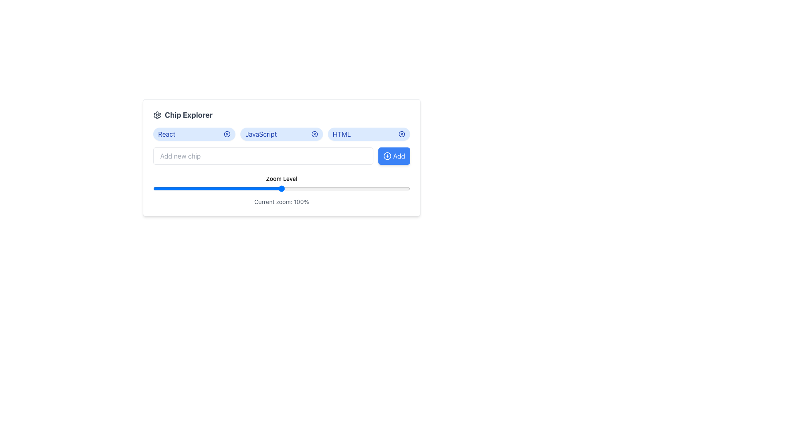 This screenshot has height=446, width=793. Describe the element at coordinates (387, 156) in the screenshot. I see `the circular blue icon with a white cross symbol, which is positioned to the right of the 'Add' button at the bottom-right of the main interface` at that location.